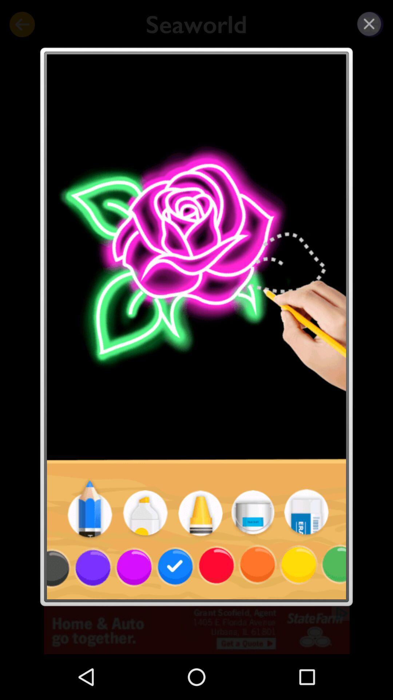 The image size is (393, 700). What do you see at coordinates (369, 24) in the screenshot?
I see `exit out` at bounding box center [369, 24].